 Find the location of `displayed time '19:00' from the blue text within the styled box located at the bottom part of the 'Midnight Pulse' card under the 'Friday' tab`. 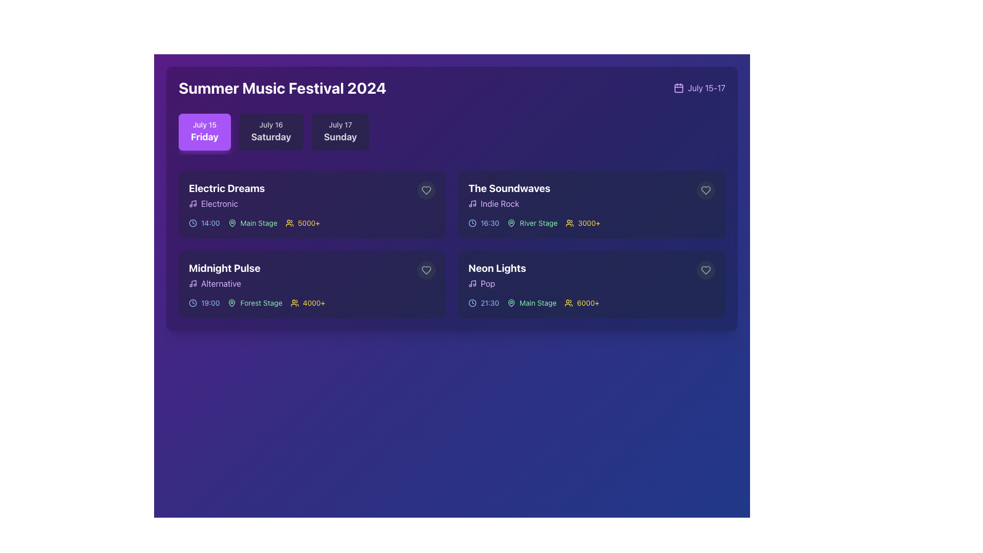

displayed time '19:00' from the blue text within the styled box located at the bottom part of the 'Midnight Pulse' card under the 'Friday' tab is located at coordinates (210, 302).